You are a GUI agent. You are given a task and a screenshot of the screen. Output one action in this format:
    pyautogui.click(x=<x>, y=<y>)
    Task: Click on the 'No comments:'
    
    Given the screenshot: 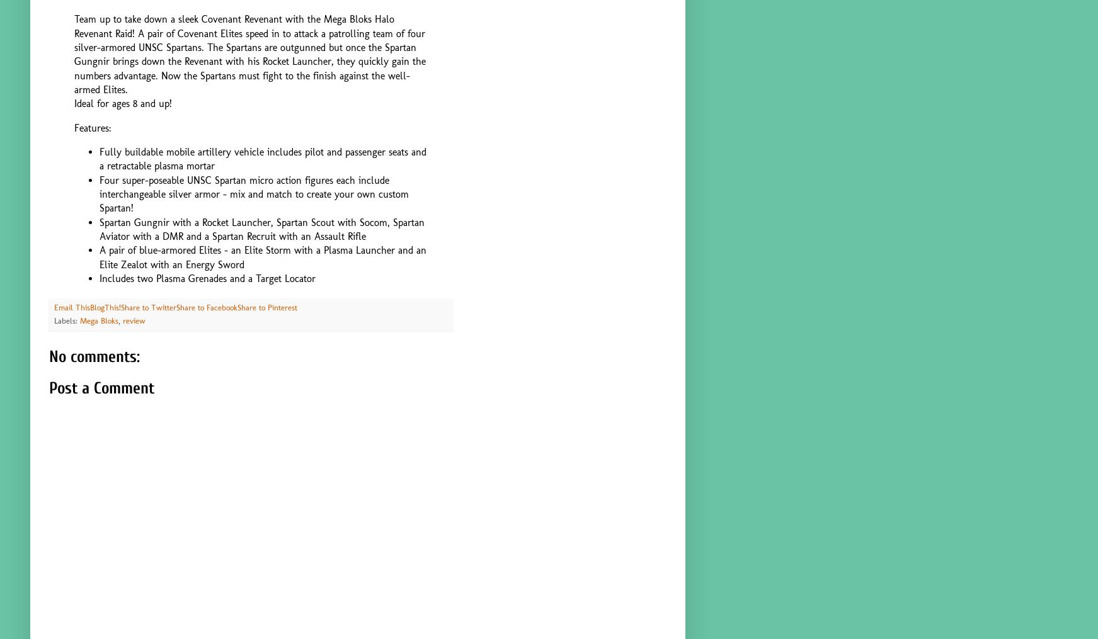 What is the action you would take?
    pyautogui.click(x=94, y=356)
    